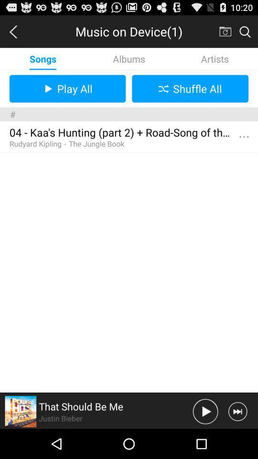 This screenshot has width=258, height=459. I want to click on the refresh icon, so click(225, 33).